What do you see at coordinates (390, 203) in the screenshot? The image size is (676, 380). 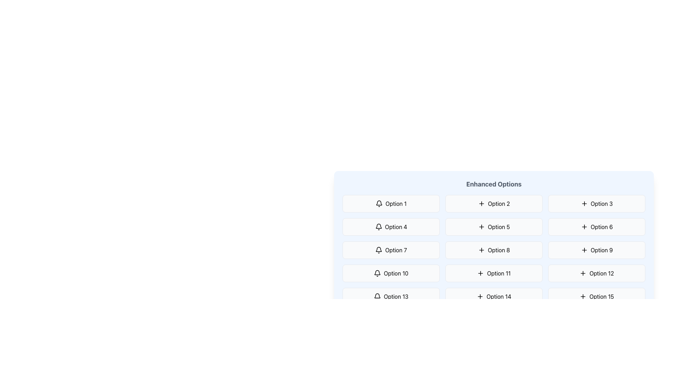 I see `the rectangular button with rounded corners labeled 'Option 1'` at bounding box center [390, 203].